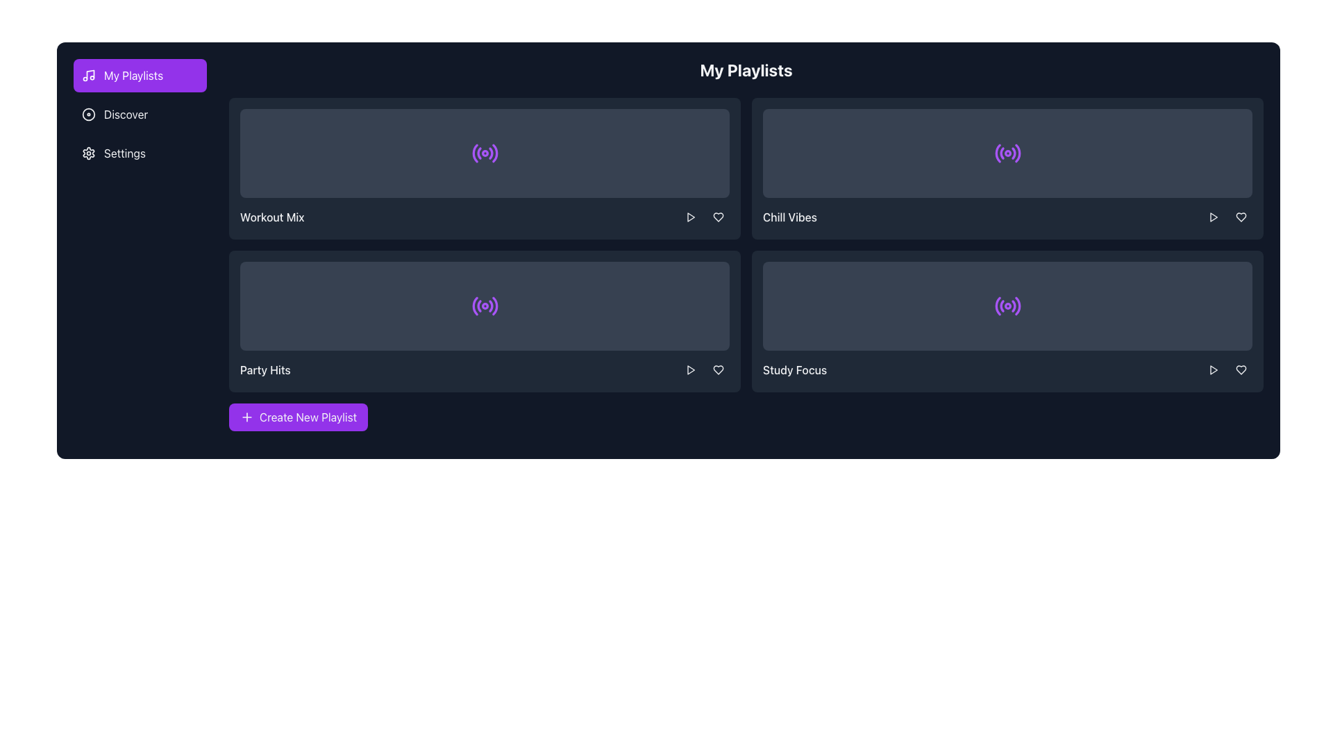 This screenshot has width=1333, height=750. I want to click on the music icon located to the left of the 'My Playlists' button in the navigation bar, so click(88, 75).